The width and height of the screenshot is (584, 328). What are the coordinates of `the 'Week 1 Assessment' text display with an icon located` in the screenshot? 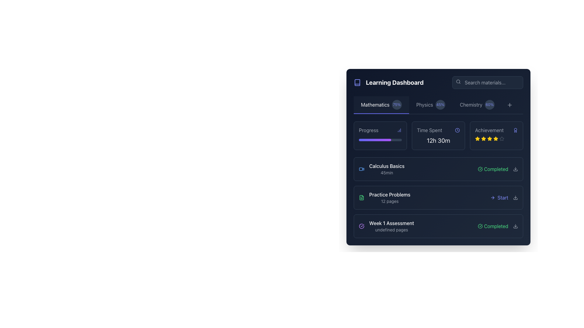 It's located at (386, 226).